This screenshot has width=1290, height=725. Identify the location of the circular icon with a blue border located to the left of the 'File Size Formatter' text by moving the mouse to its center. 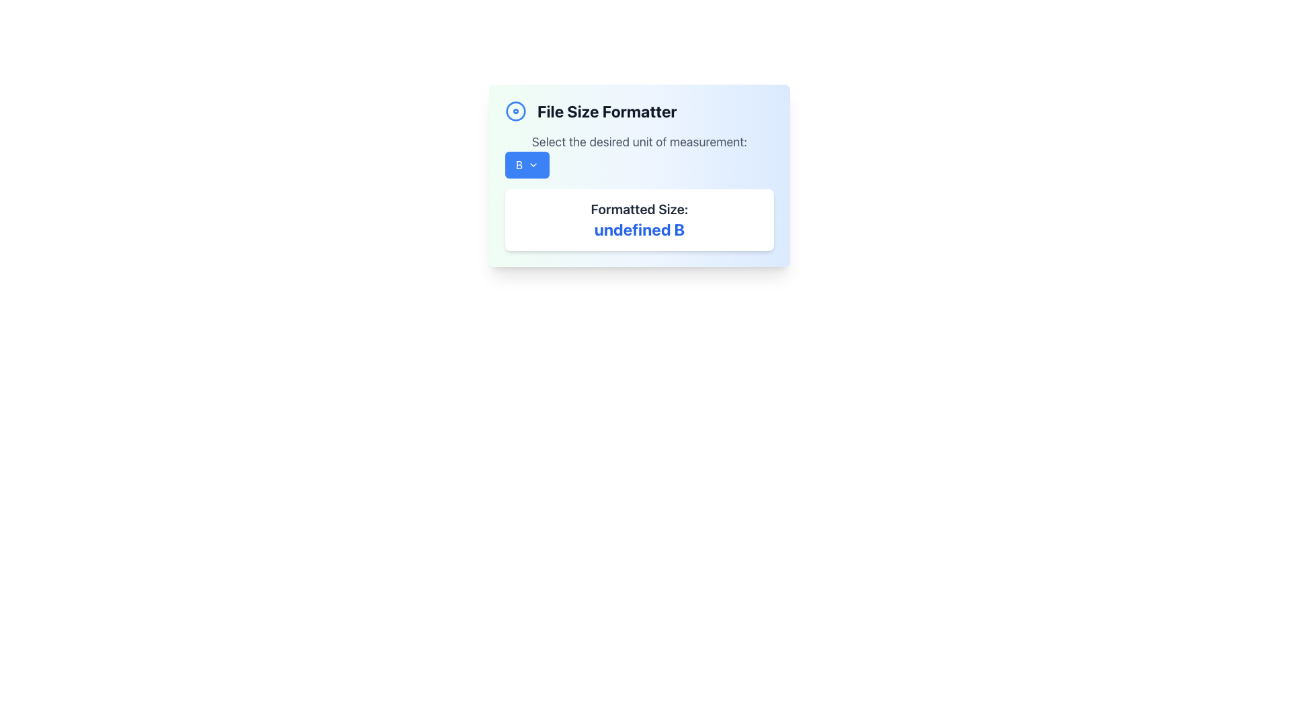
(515, 110).